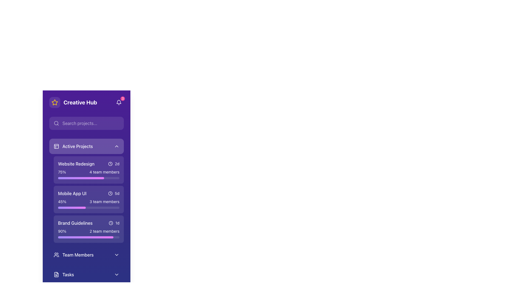 This screenshot has width=526, height=296. Describe the element at coordinates (111, 223) in the screenshot. I see `the clock icon located to the left of the text '1d' in the 'Brand Guidelines' section under the 'Active Projects' category as a visual indicator of time` at that location.